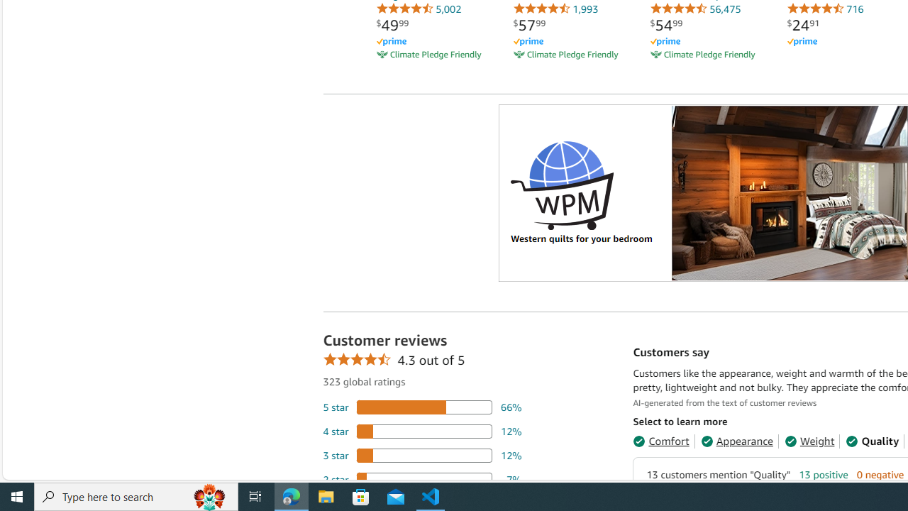  I want to click on 'Quality', so click(872, 440).